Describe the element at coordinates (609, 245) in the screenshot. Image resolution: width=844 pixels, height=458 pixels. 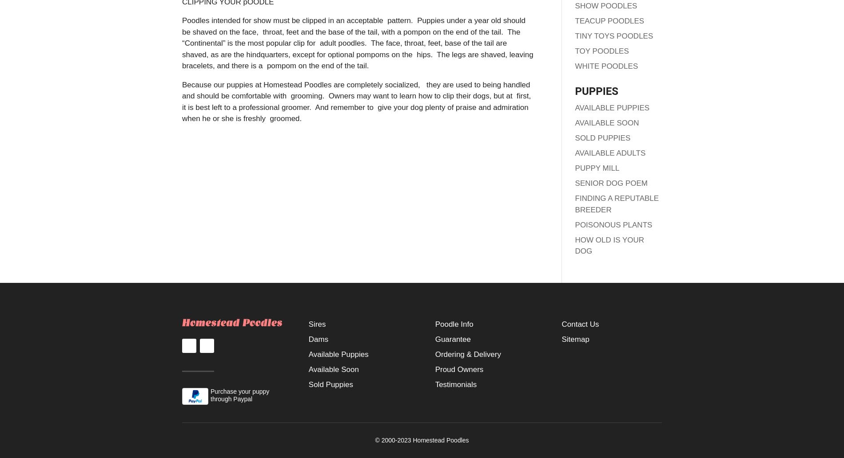
I see `'HOW OLD IS YOUR DOG'` at that location.